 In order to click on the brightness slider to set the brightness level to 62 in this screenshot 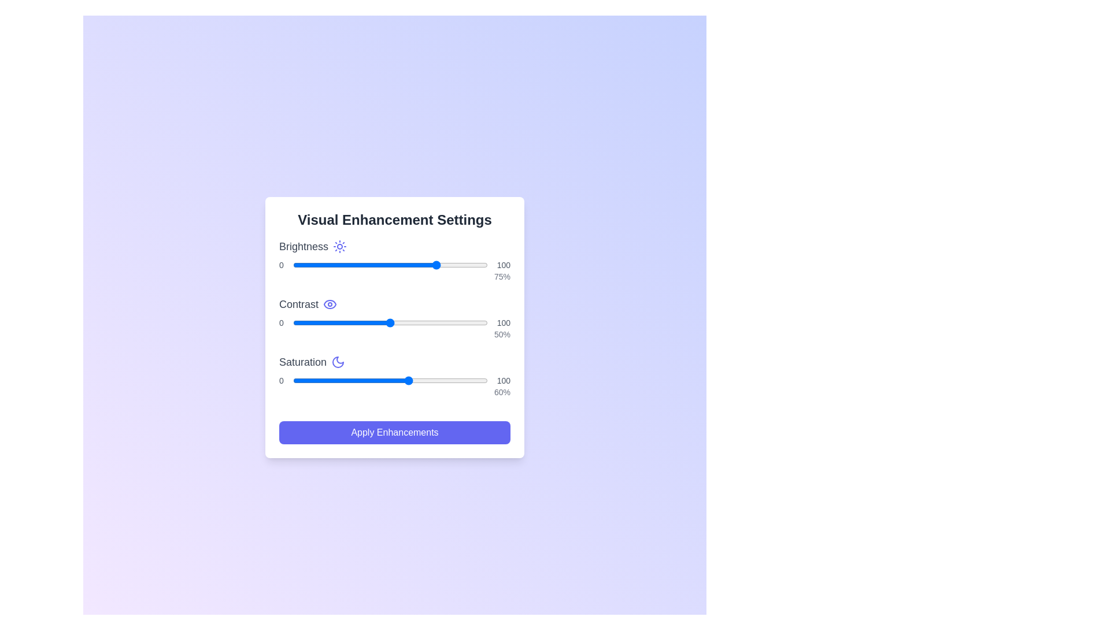, I will do `click(413, 265)`.